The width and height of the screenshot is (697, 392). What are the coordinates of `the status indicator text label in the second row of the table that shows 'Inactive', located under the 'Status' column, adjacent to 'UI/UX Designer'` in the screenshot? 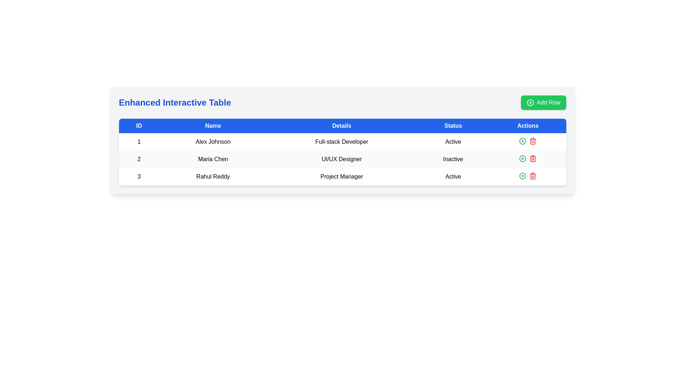 It's located at (453, 159).